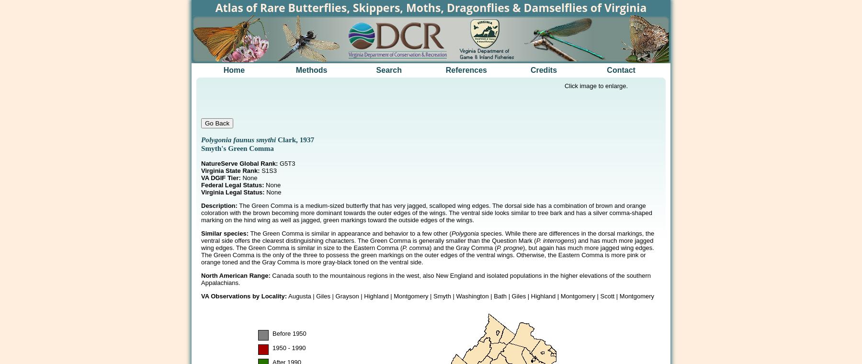 The height and width of the screenshot is (364, 862). I want to click on 'Smyth's Green Comma', so click(237, 148).